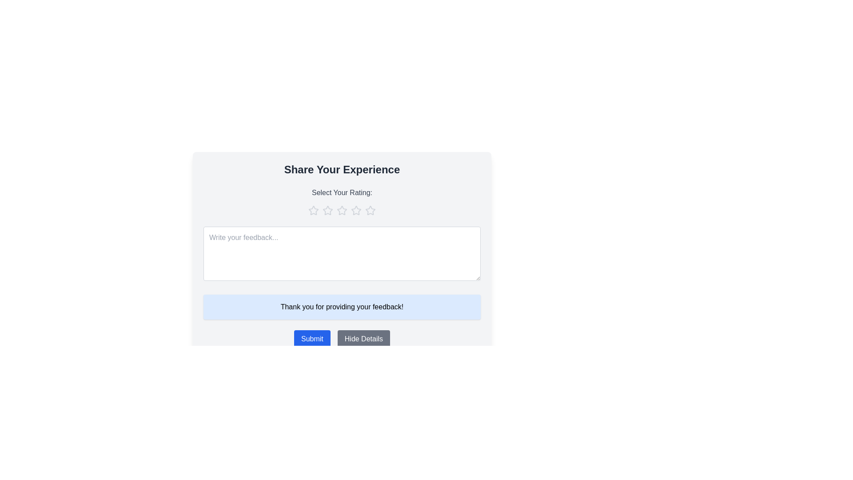 The width and height of the screenshot is (853, 480). Describe the element at coordinates (312, 339) in the screenshot. I see `the 'Submit' button located near the center-bottom of the page` at that location.